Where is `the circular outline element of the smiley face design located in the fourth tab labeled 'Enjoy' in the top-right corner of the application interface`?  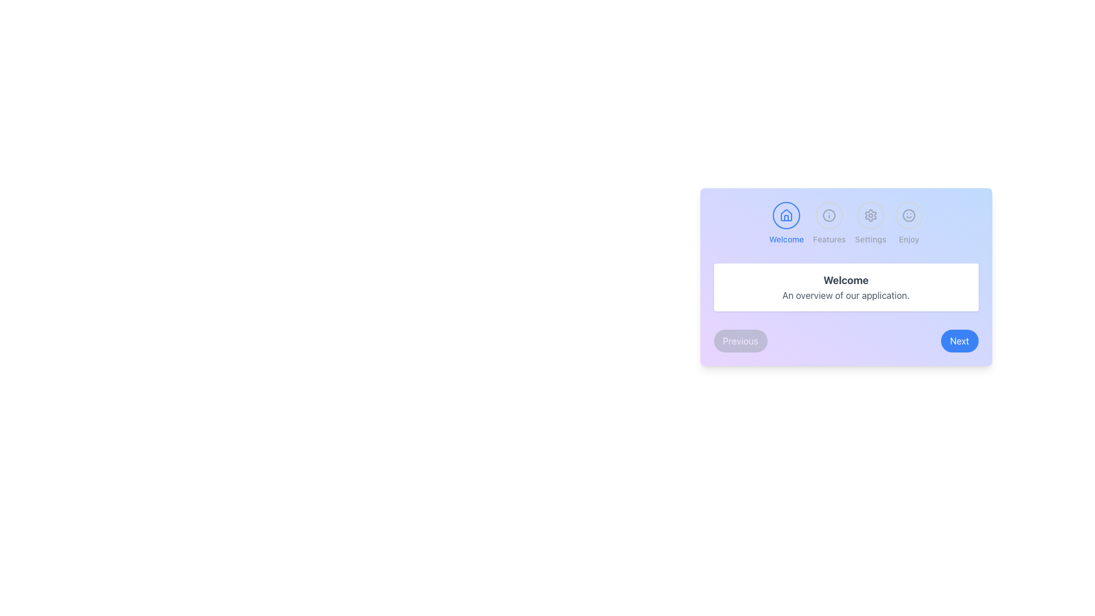
the circular outline element of the smiley face design located in the fourth tab labeled 'Enjoy' in the top-right corner of the application interface is located at coordinates (909, 216).